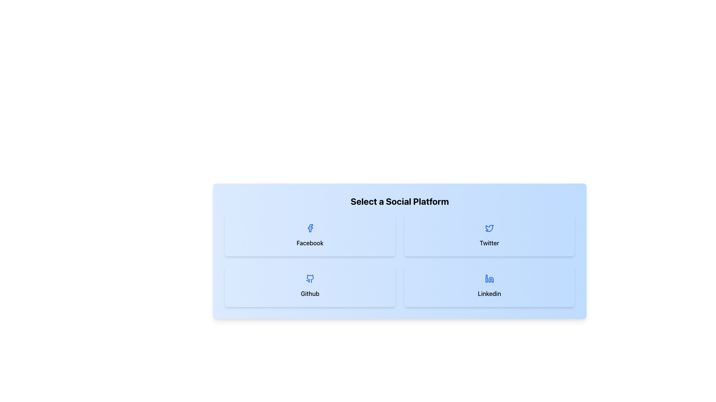  What do you see at coordinates (486, 280) in the screenshot?
I see `the LinkedIn logo, specifically targeting the small rectangular shape that forms the vertical bar of the letter 'i'` at bounding box center [486, 280].